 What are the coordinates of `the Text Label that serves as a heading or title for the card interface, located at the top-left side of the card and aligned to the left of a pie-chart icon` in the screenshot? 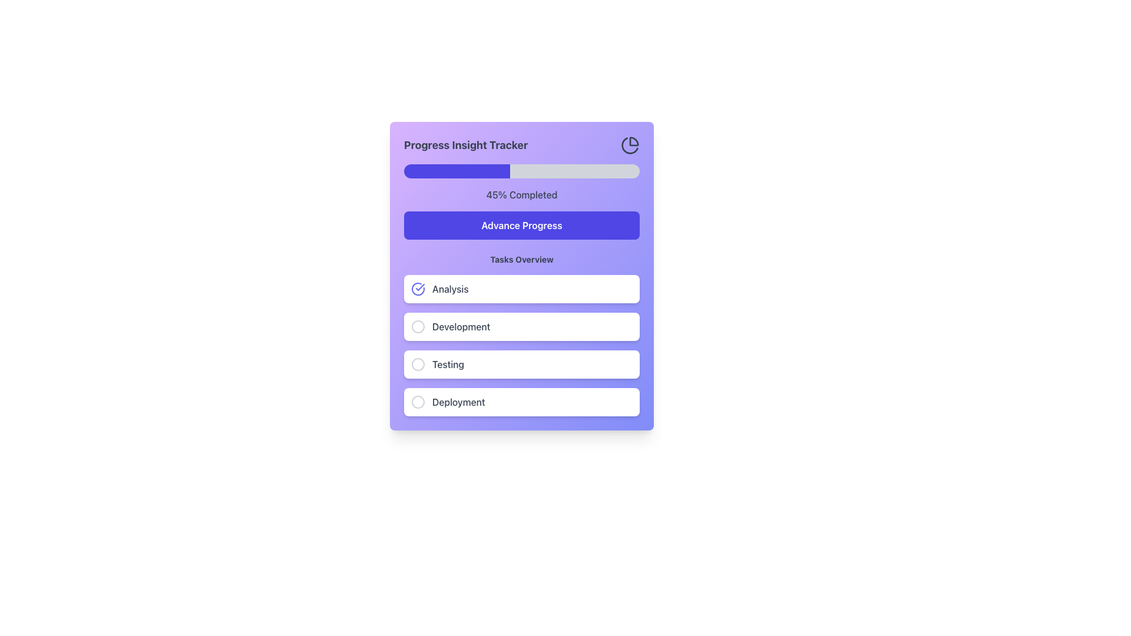 It's located at (465, 144).